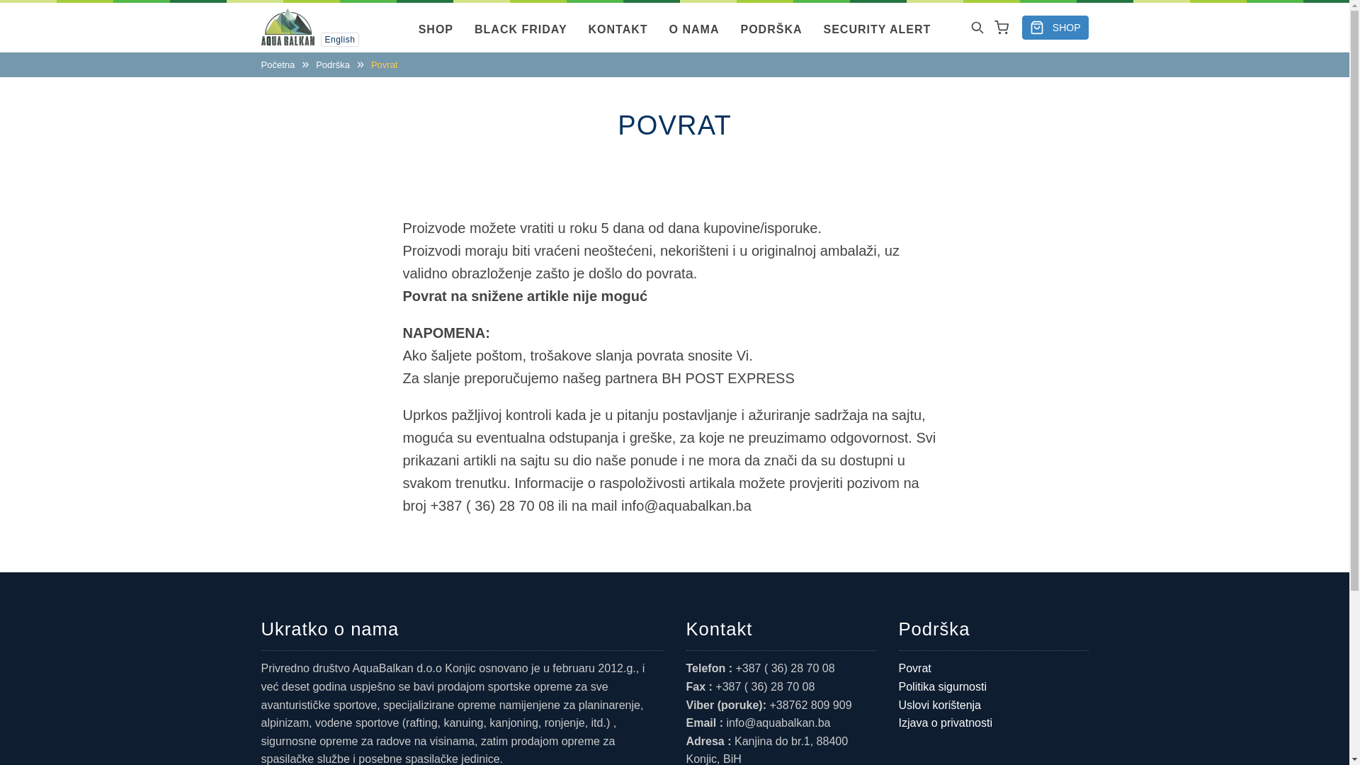 This screenshot has height=765, width=1360. Describe the element at coordinates (435, 30) in the screenshot. I see `'SHOP'` at that location.